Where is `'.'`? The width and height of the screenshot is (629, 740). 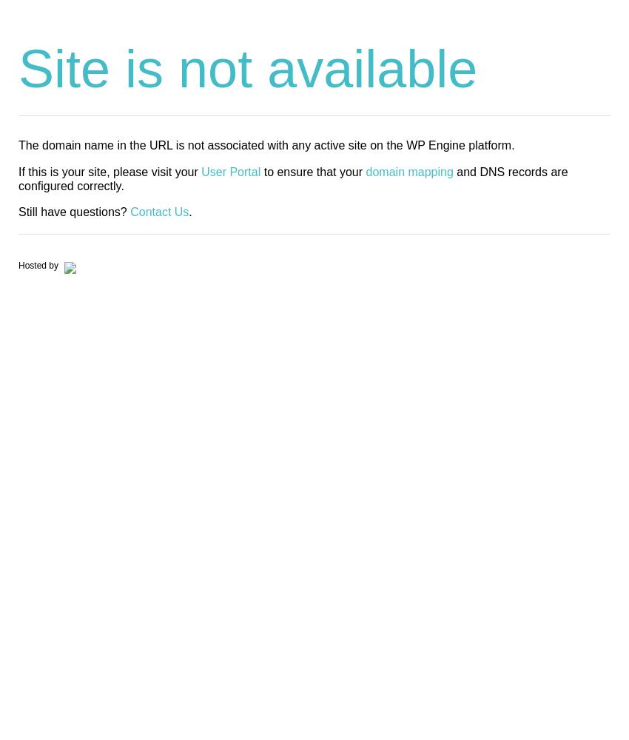
'.' is located at coordinates (189, 211).